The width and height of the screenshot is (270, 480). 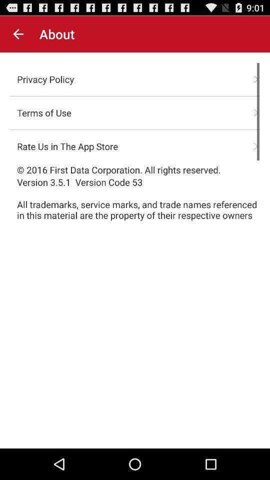 I want to click on app next to the about app, so click(x=18, y=34).